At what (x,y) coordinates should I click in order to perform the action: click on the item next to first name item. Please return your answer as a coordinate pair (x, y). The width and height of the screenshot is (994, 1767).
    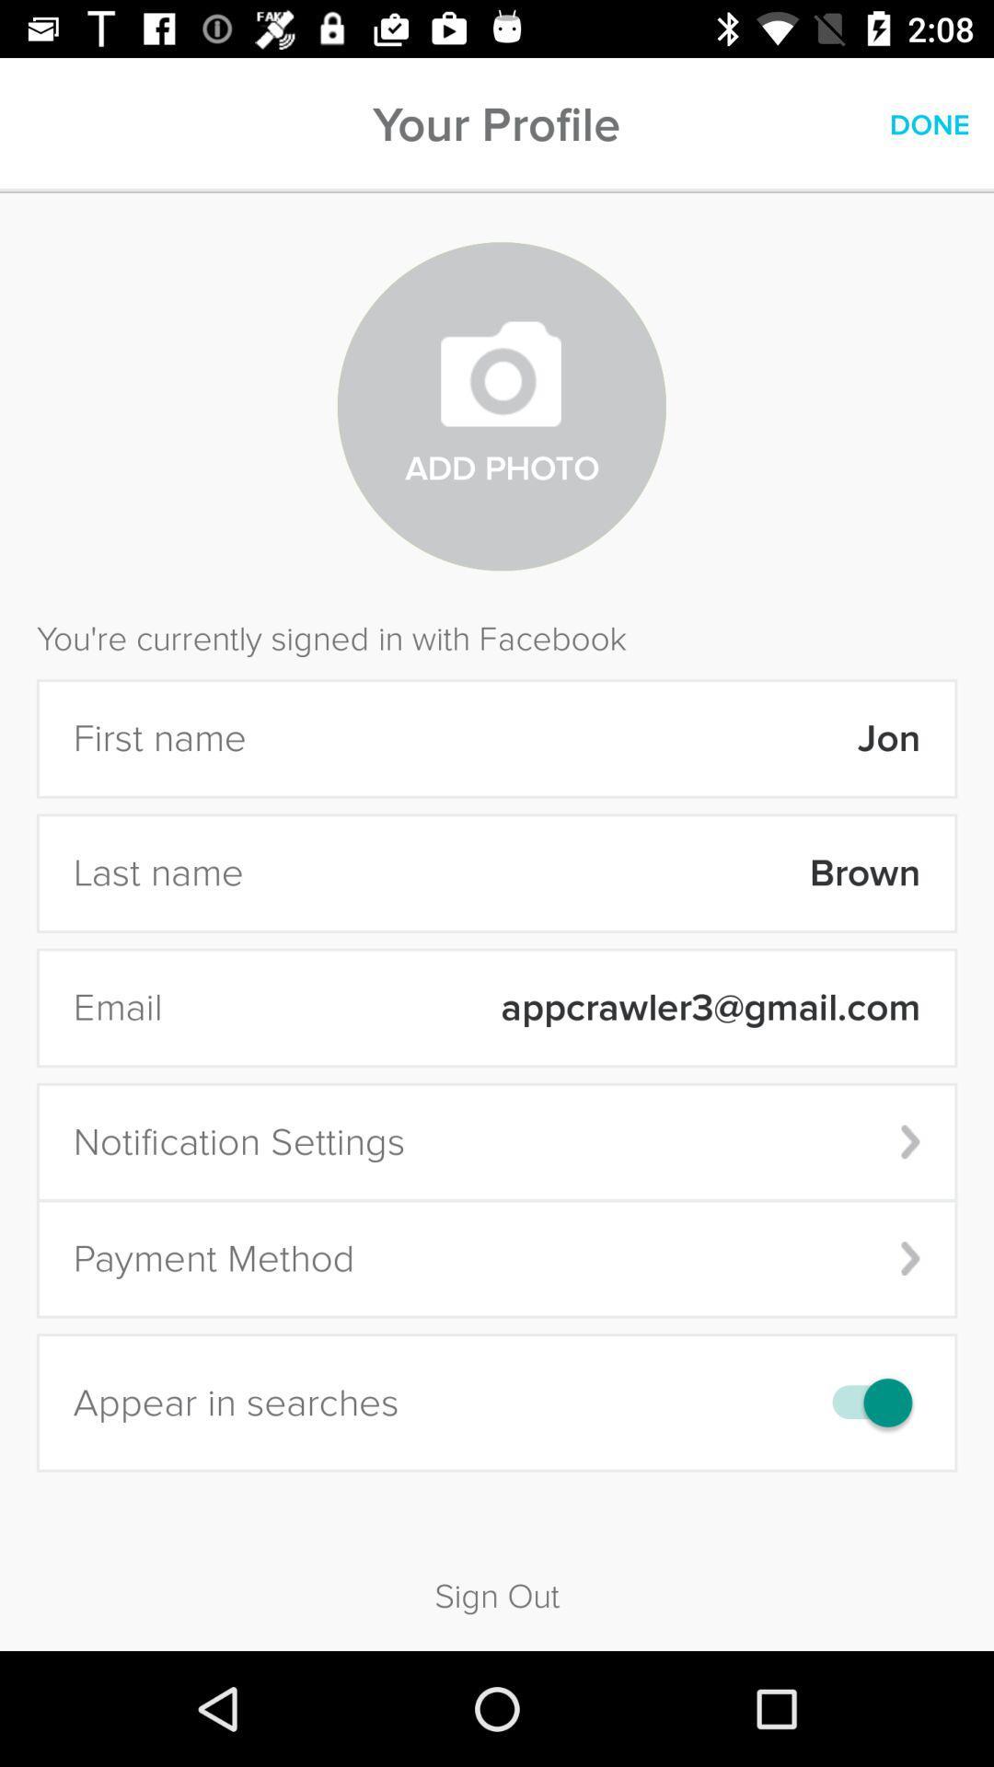
    Looking at the image, I should click on (595, 738).